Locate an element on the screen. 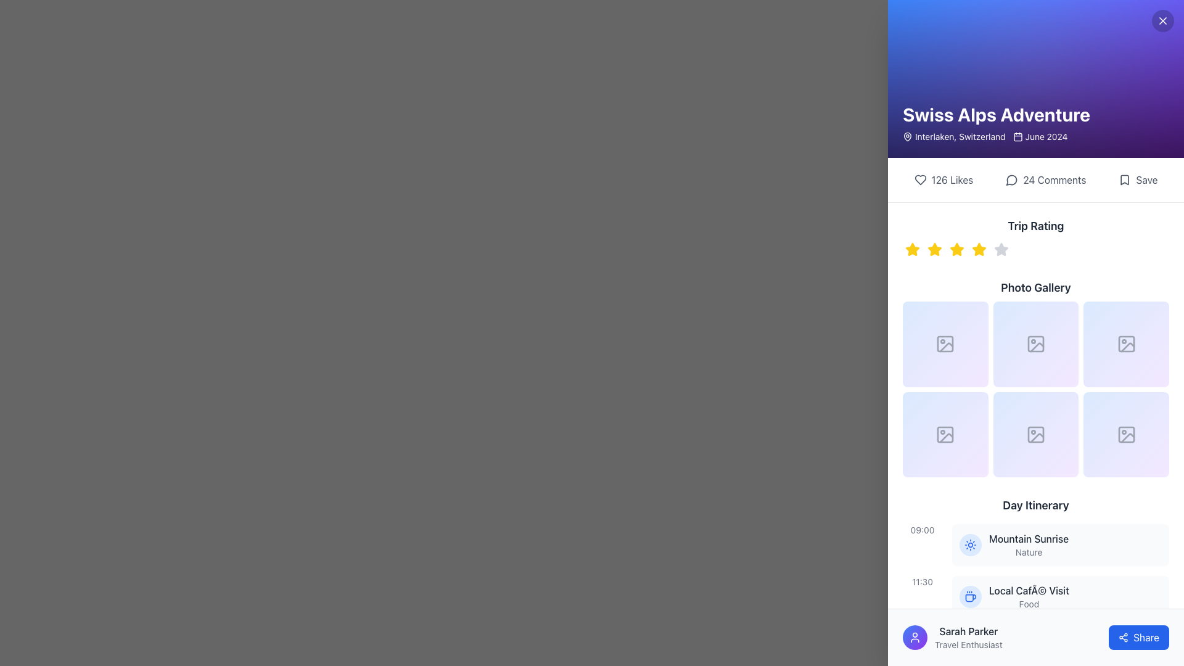 The height and width of the screenshot is (666, 1184). the image icon placeholder in the 'Photo Gallery' section is located at coordinates (1036, 344).